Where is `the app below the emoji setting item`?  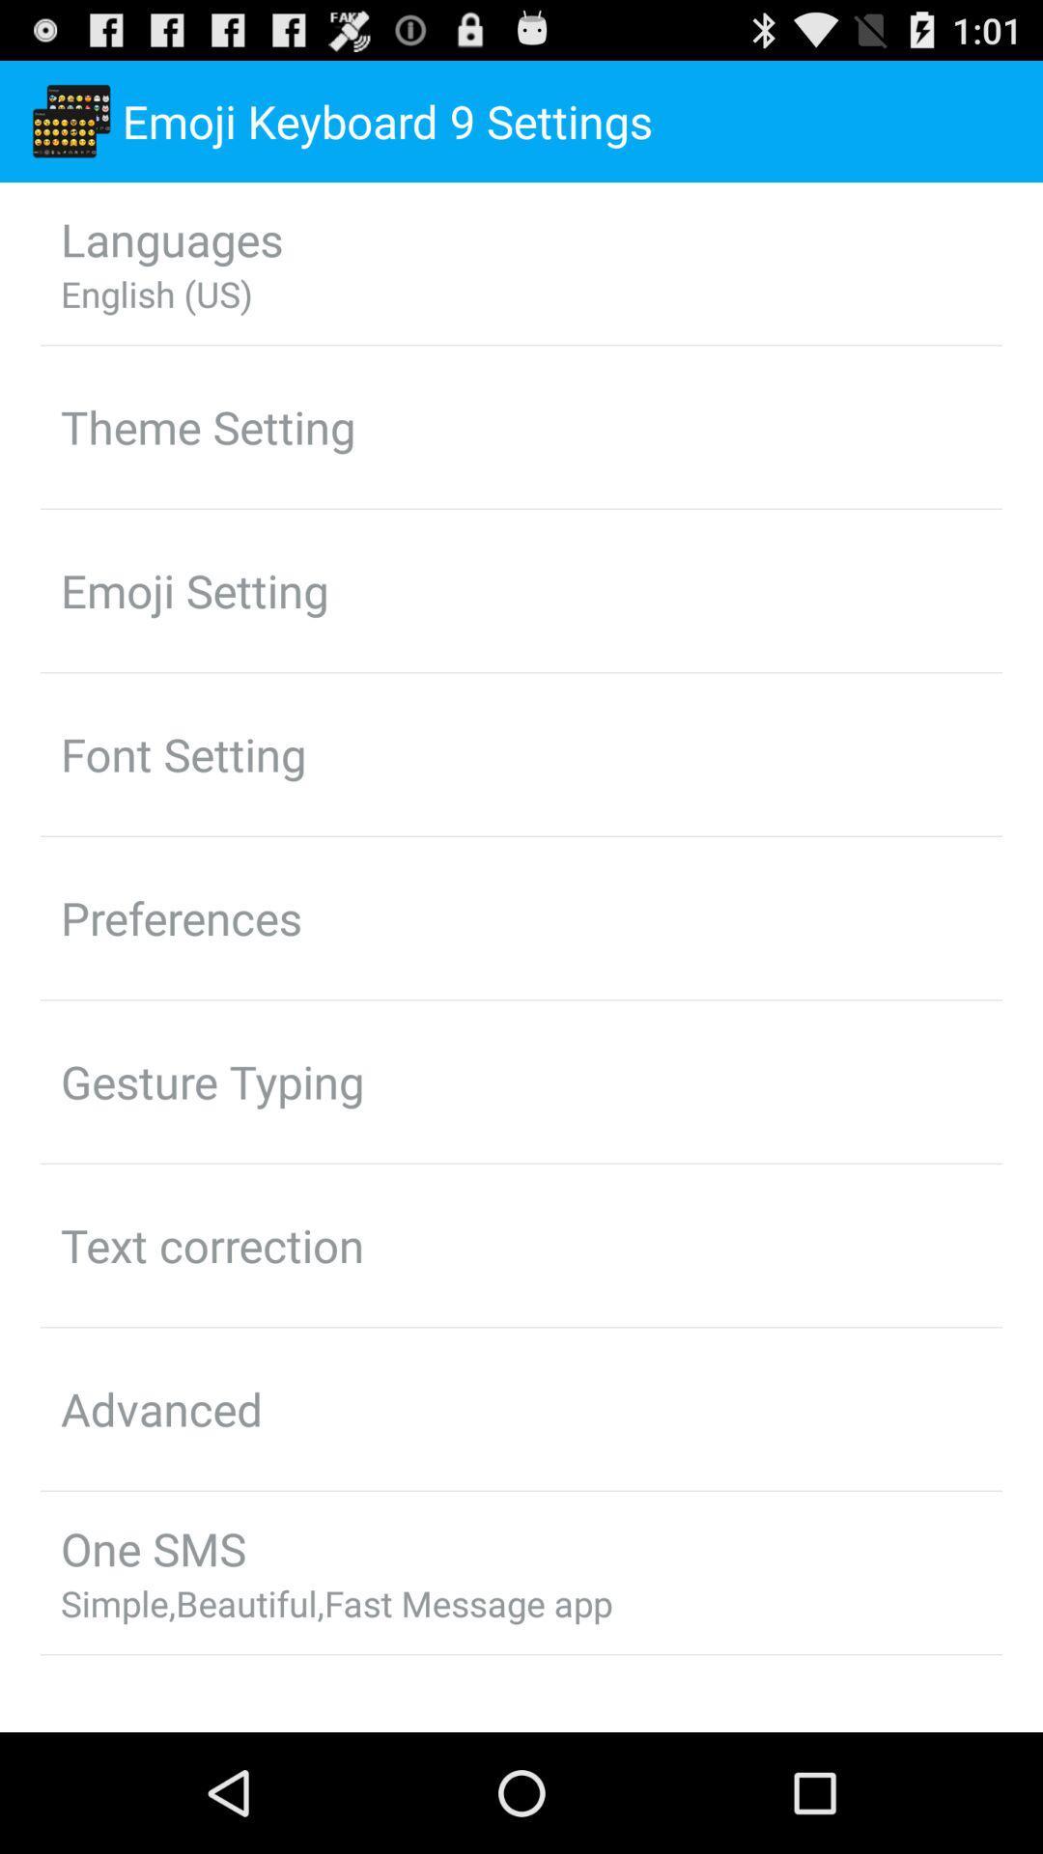
the app below the emoji setting item is located at coordinates (183, 753).